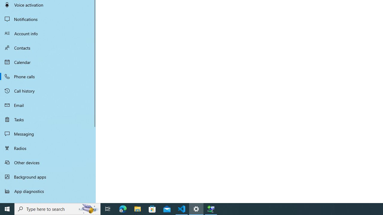 The width and height of the screenshot is (383, 215). I want to click on 'Account info', so click(48, 33).